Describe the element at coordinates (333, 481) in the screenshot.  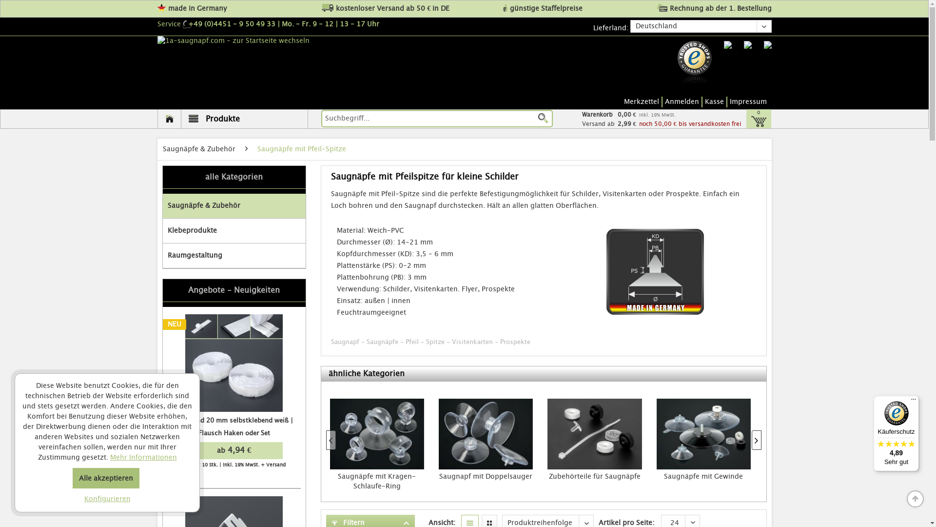
I see `'Sauger mit Schaft-Vertikalbohrung'` at that location.